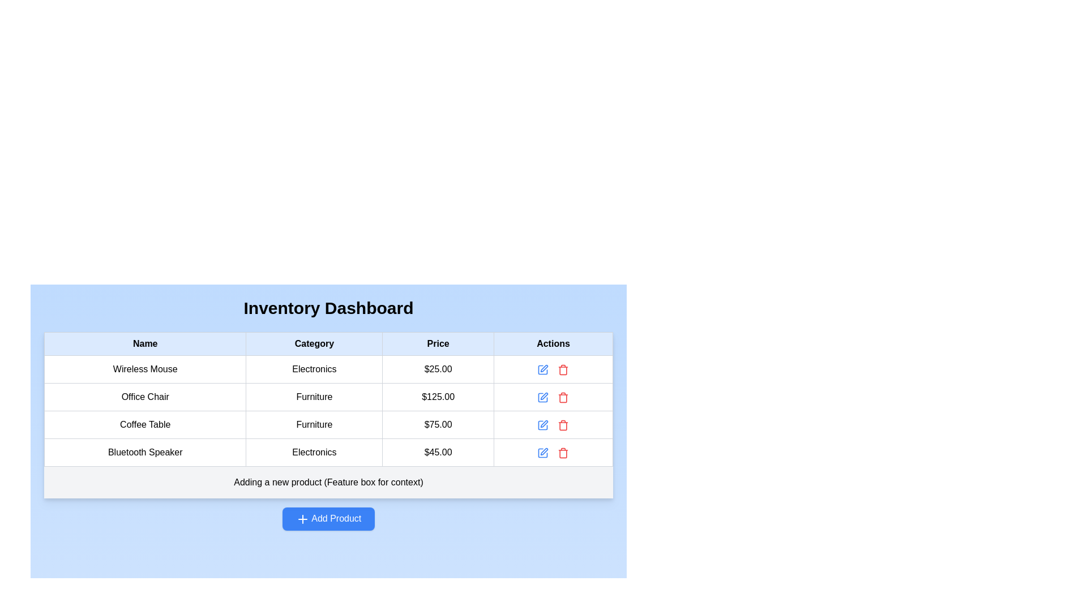 The width and height of the screenshot is (1087, 611). I want to click on the trash bin icon in the 'Actions' column of the data table, so click(563, 425).